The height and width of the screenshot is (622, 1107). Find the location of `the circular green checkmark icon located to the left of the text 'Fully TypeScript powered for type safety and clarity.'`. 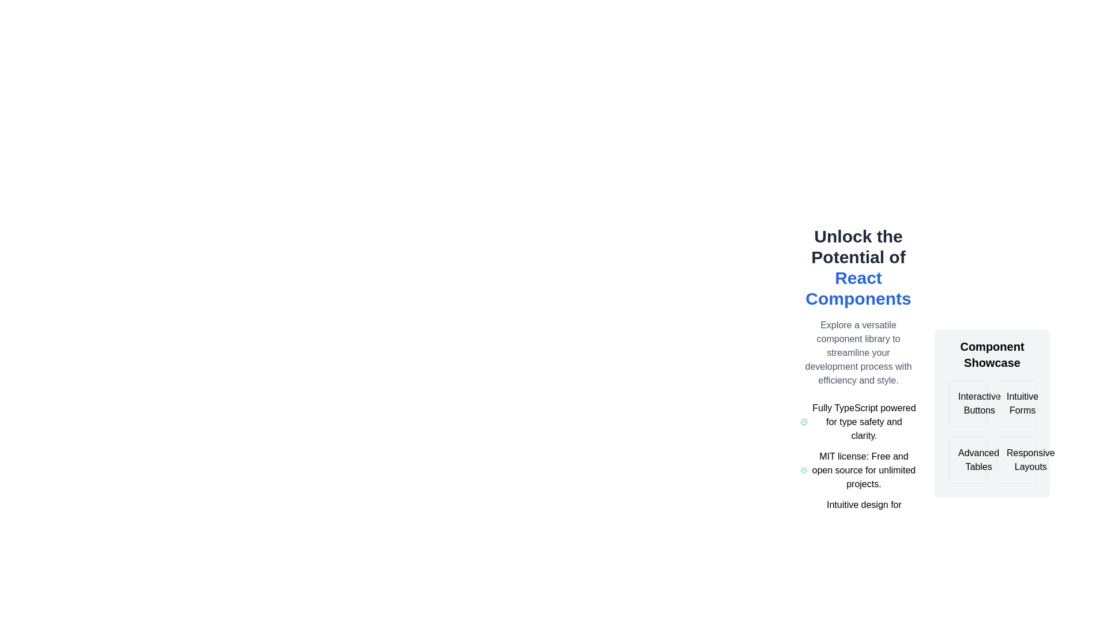

the circular green checkmark icon located to the left of the text 'Fully TypeScript powered for type safety and clarity.' is located at coordinates (803, 422).